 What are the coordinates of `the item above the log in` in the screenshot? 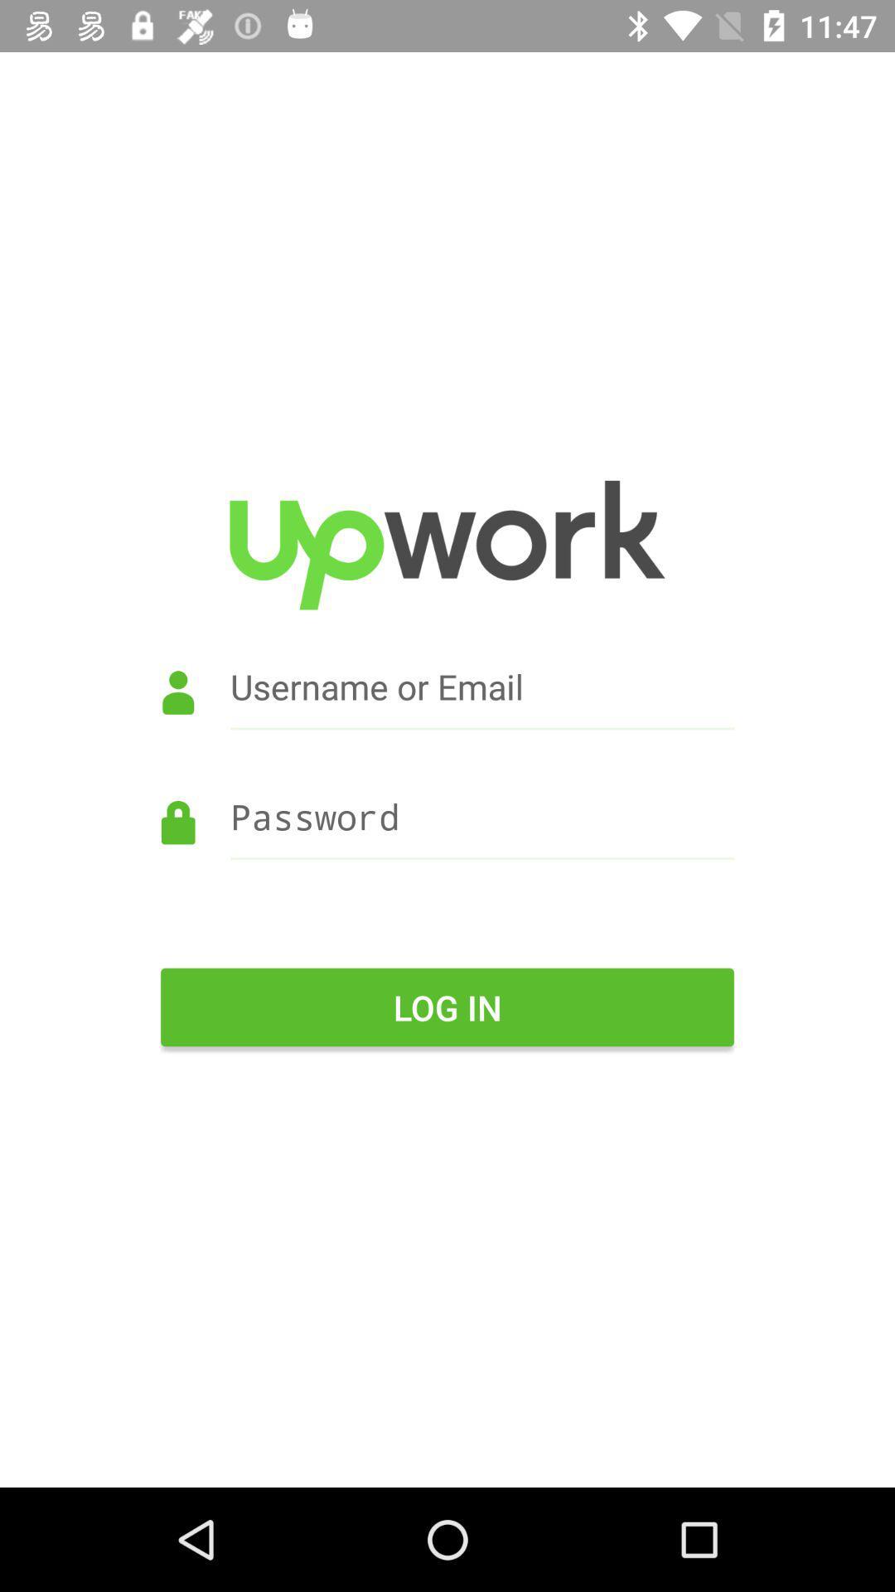 It's located at (447, 840).